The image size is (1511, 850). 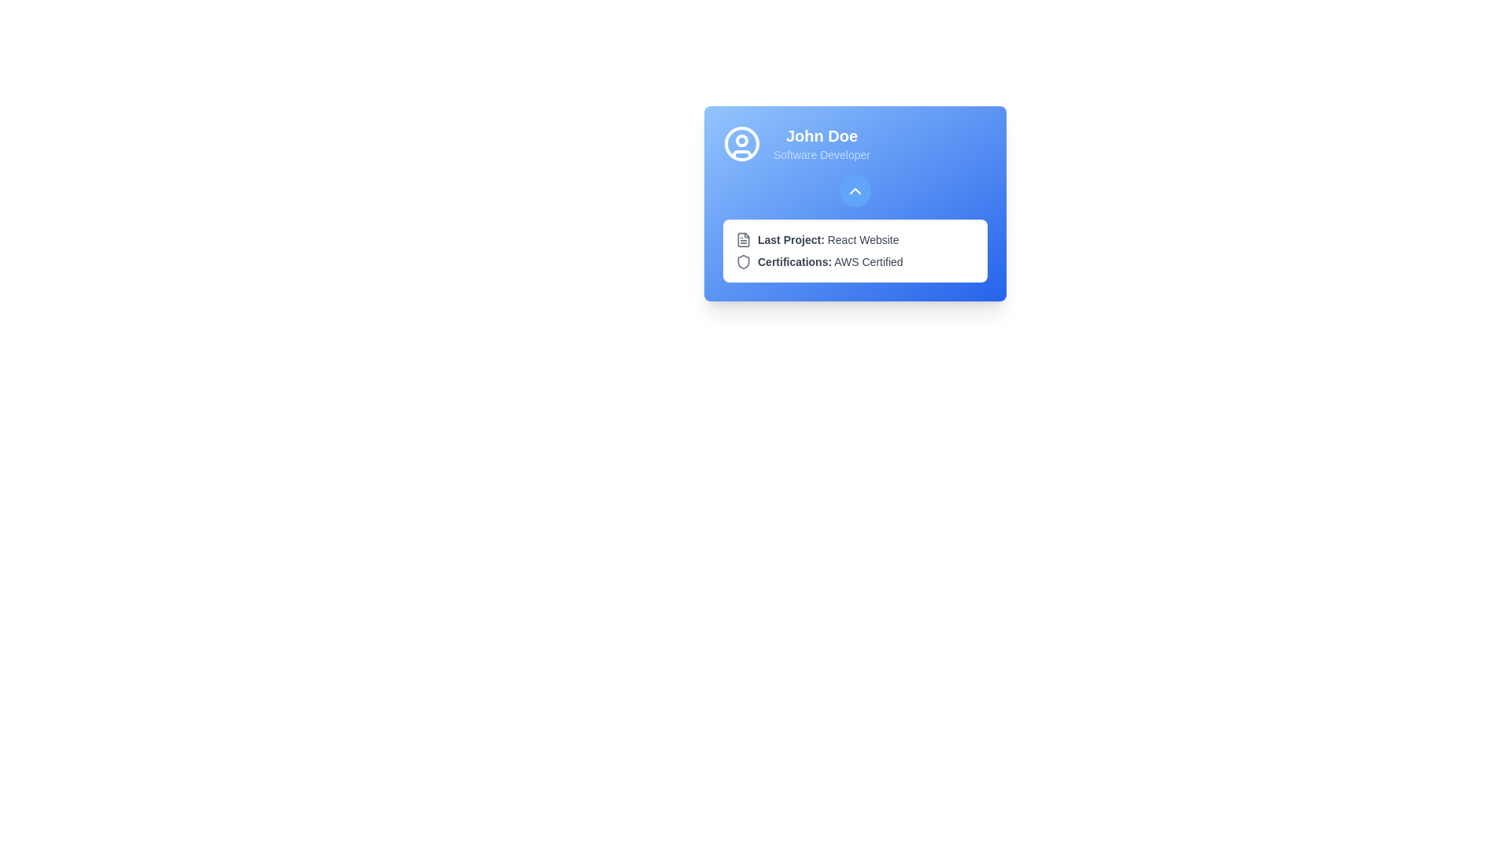 I want to click on the text block containing 'John Doe' in bold white font and 'Software Developer' in light blue font, located on the blue card to the right of the circular user icon, so click(x=821, y=143).